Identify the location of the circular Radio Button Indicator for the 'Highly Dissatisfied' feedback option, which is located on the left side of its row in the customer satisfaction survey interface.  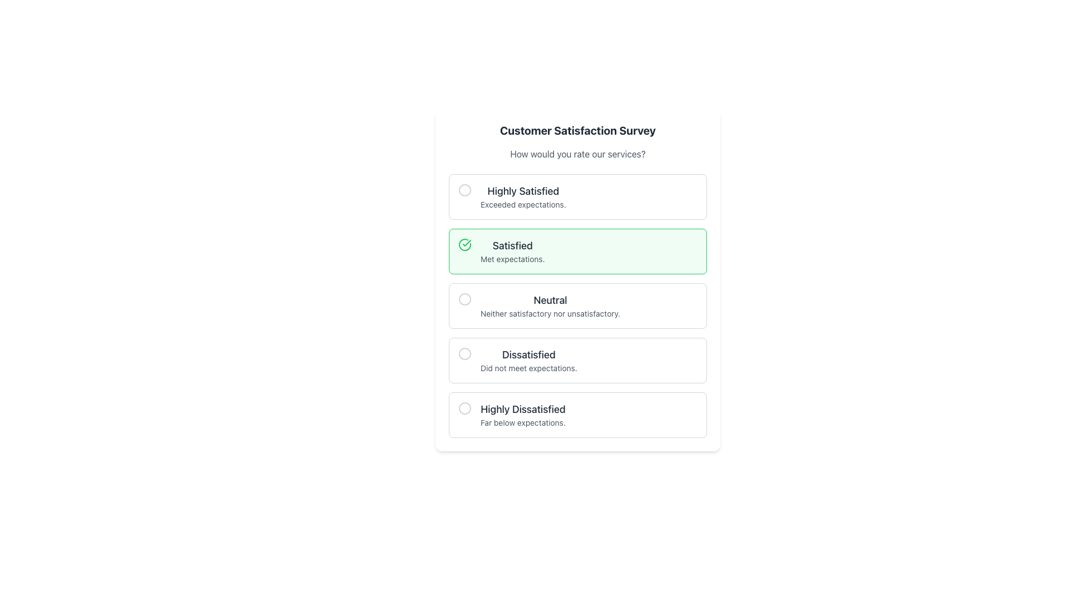
(464, 408).